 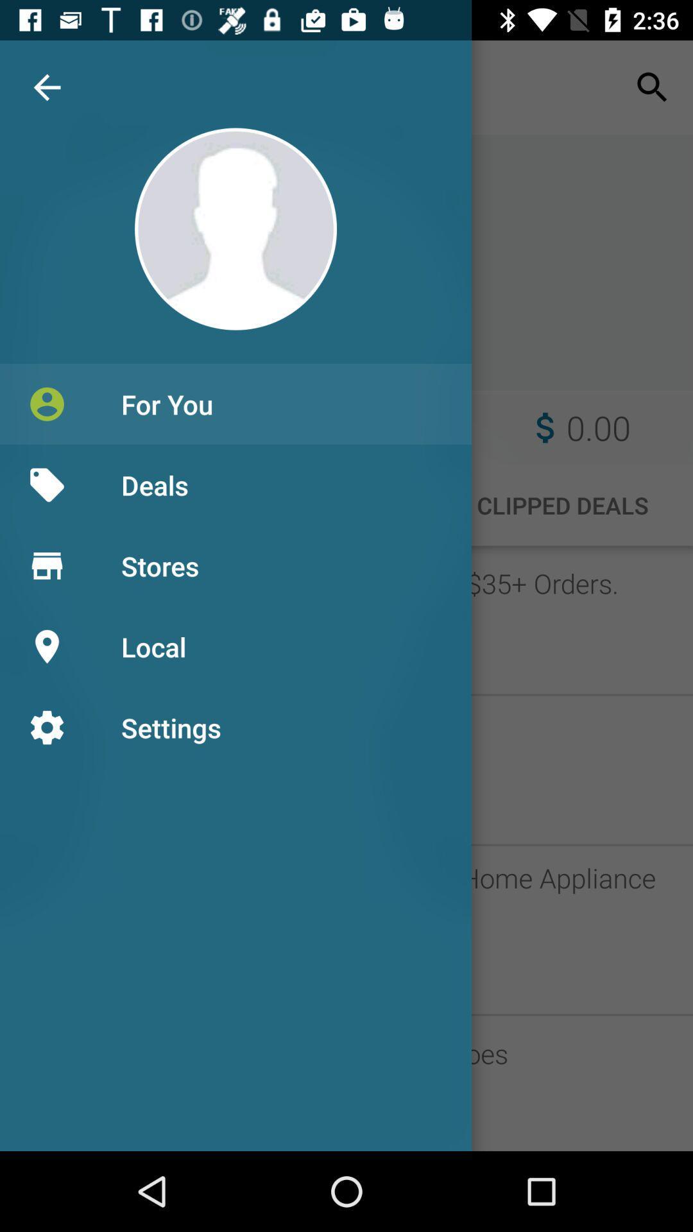 I want to click on search button which is at top right corner of the page, so click(x=653, y=87).